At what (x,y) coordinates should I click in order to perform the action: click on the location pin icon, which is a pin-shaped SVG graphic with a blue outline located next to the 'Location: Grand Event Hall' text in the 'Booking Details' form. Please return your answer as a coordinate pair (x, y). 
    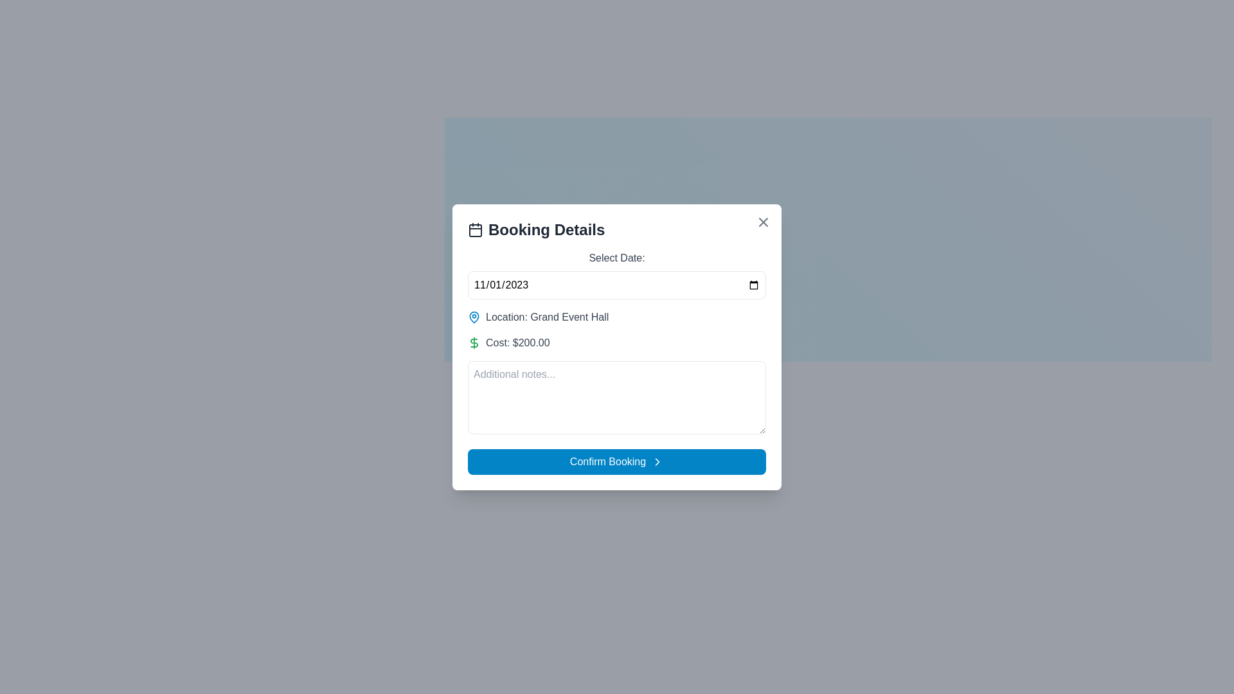
    Looking at the image, I should click on (474, 317).